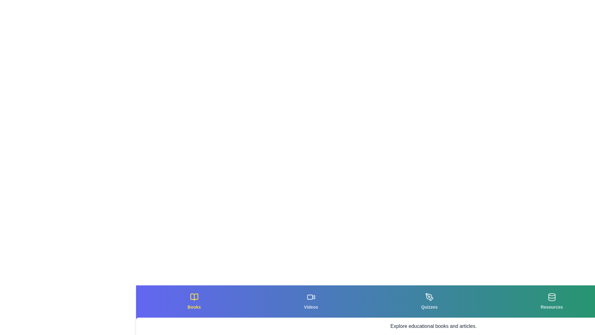  I want to click on the tab labeled Videos, so click(311, 301).